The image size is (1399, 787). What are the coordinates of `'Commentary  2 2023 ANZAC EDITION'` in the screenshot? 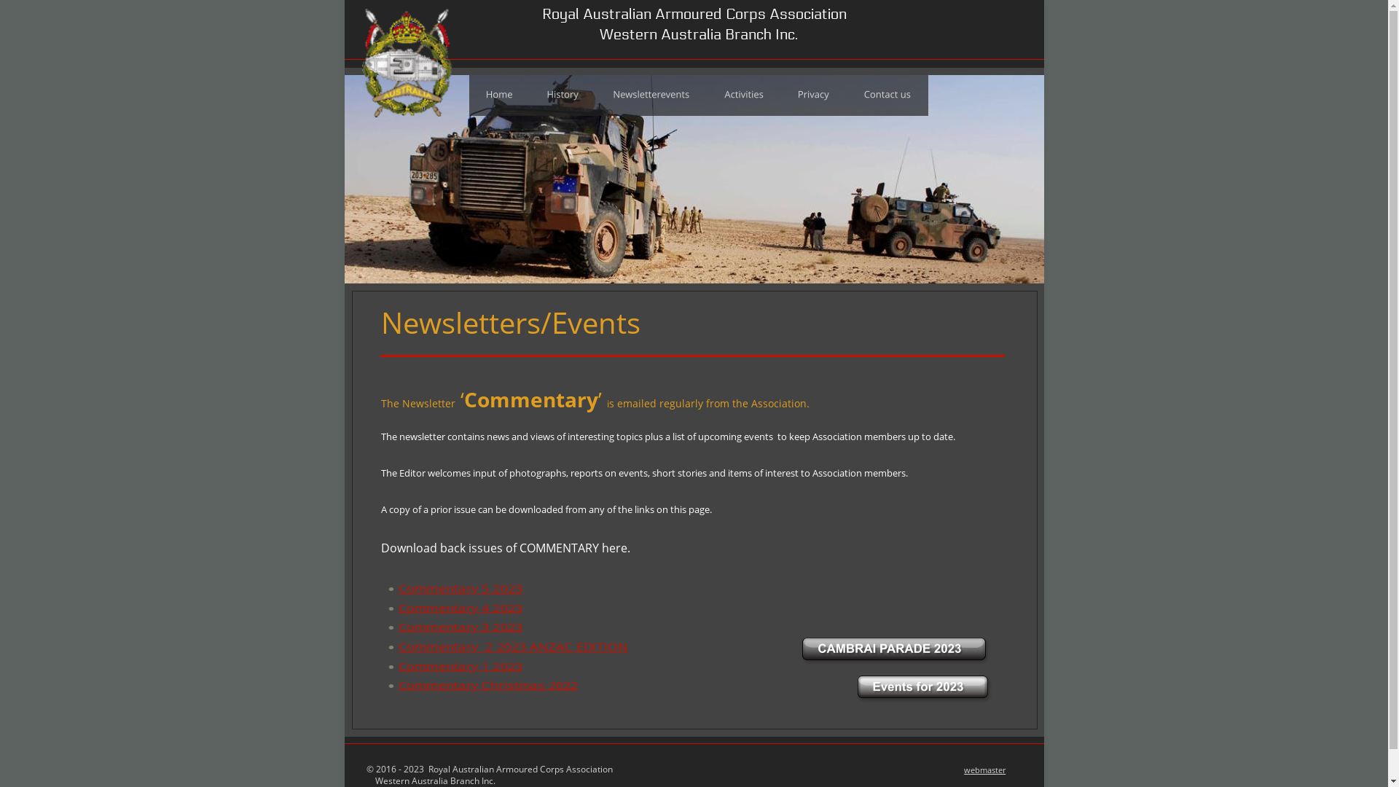 It's located at (489, 646).